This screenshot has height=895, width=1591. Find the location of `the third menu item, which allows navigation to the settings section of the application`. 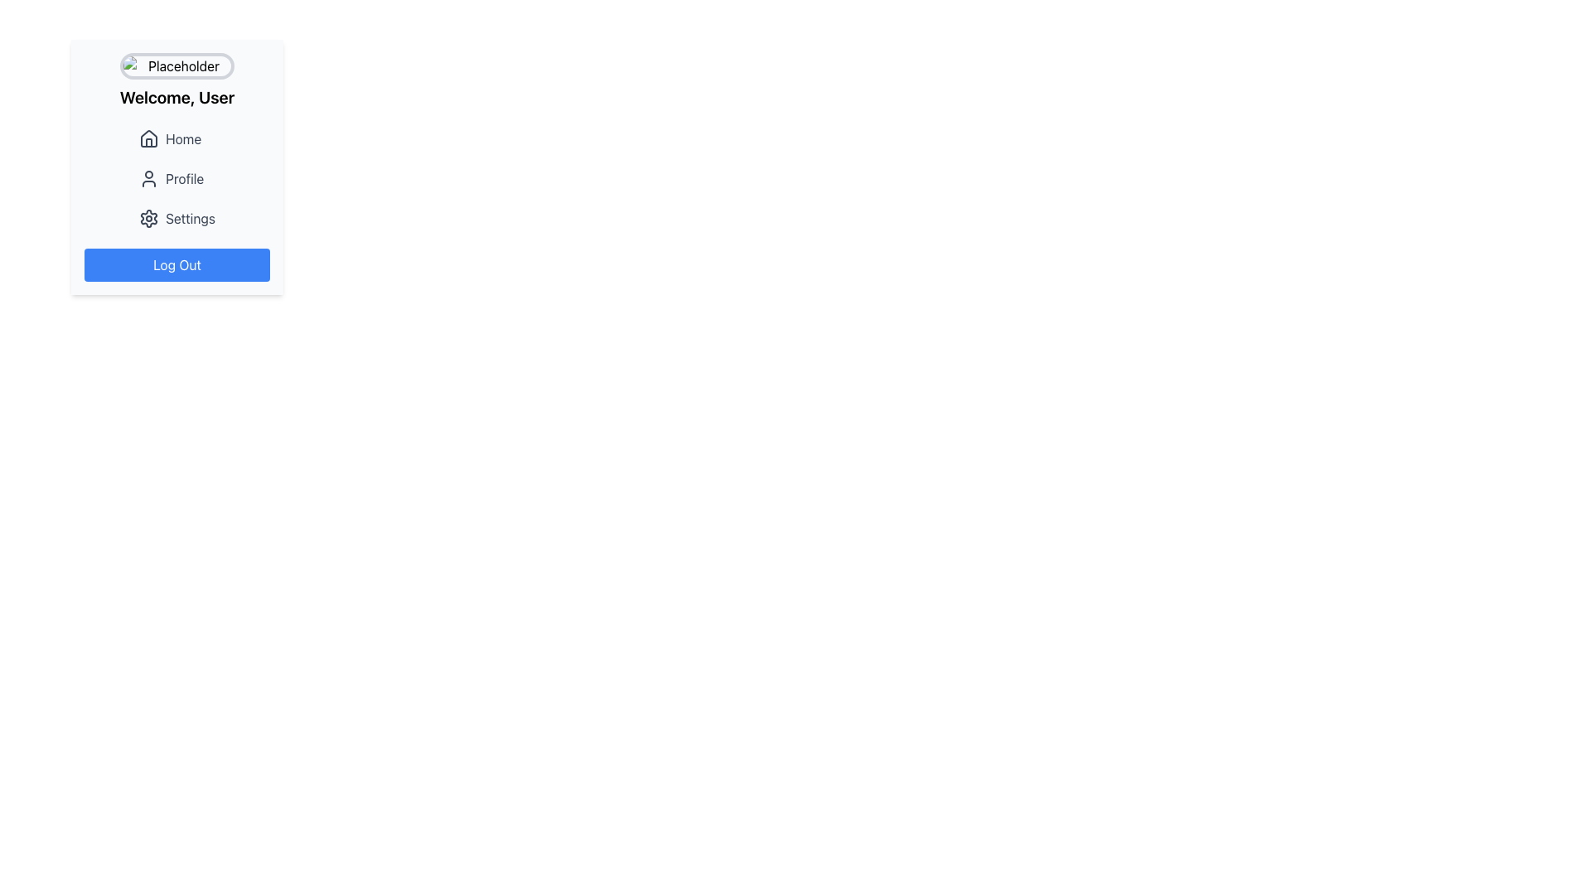

the third menu item, which allows navigation to the settings section of the application is located at coordinates (177, 217).